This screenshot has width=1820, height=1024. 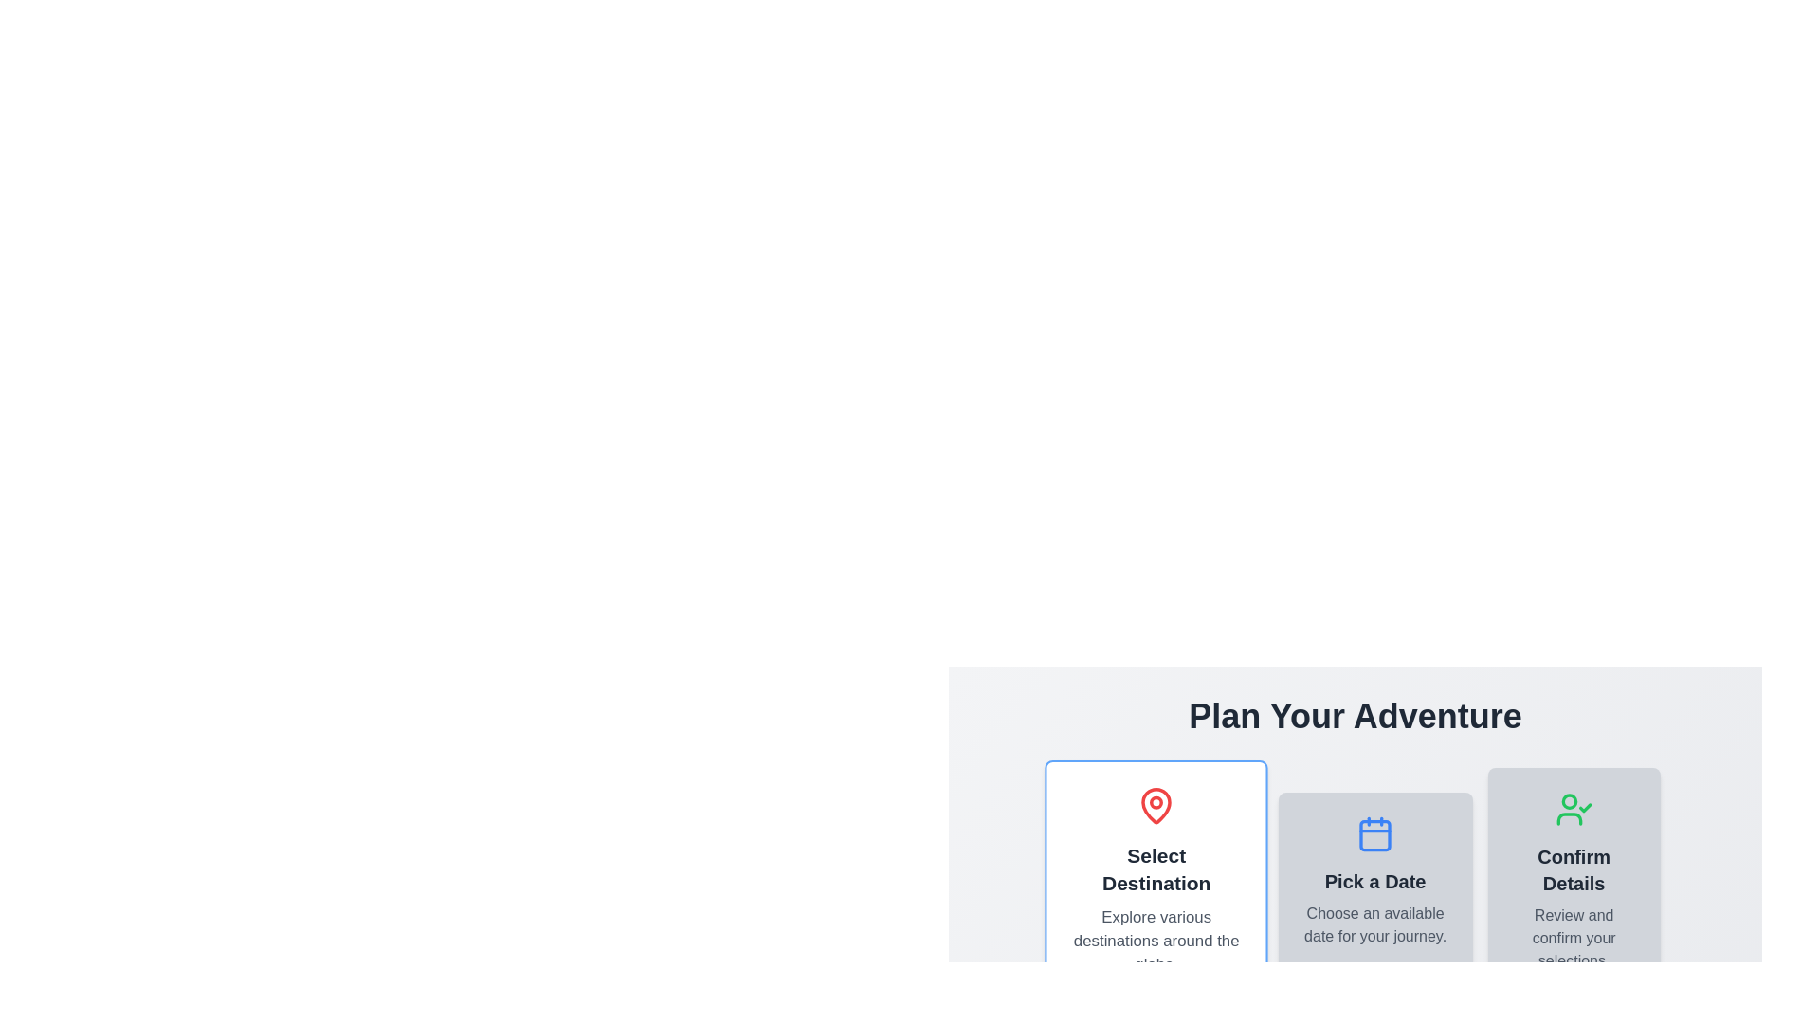 What do you see at coordinates (1574, 809) in the screenshot?
I see `the confirmation icon located in the 'Confirm Details' section, positioned above the text 'Confirm Details'` at bounding box center [1574, 809].